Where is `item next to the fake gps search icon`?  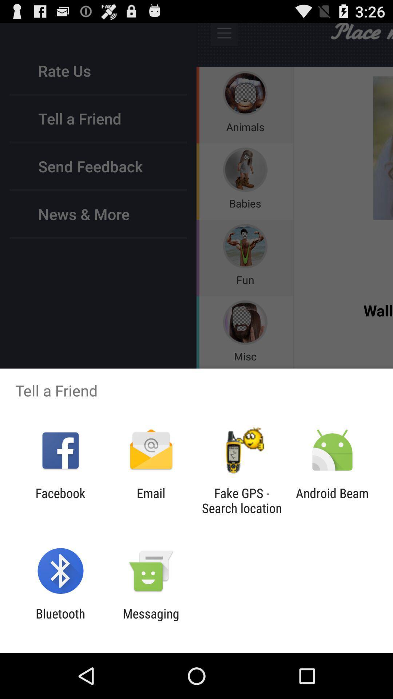 item next to the fake gps search icon is located at coordinates (151, 500).